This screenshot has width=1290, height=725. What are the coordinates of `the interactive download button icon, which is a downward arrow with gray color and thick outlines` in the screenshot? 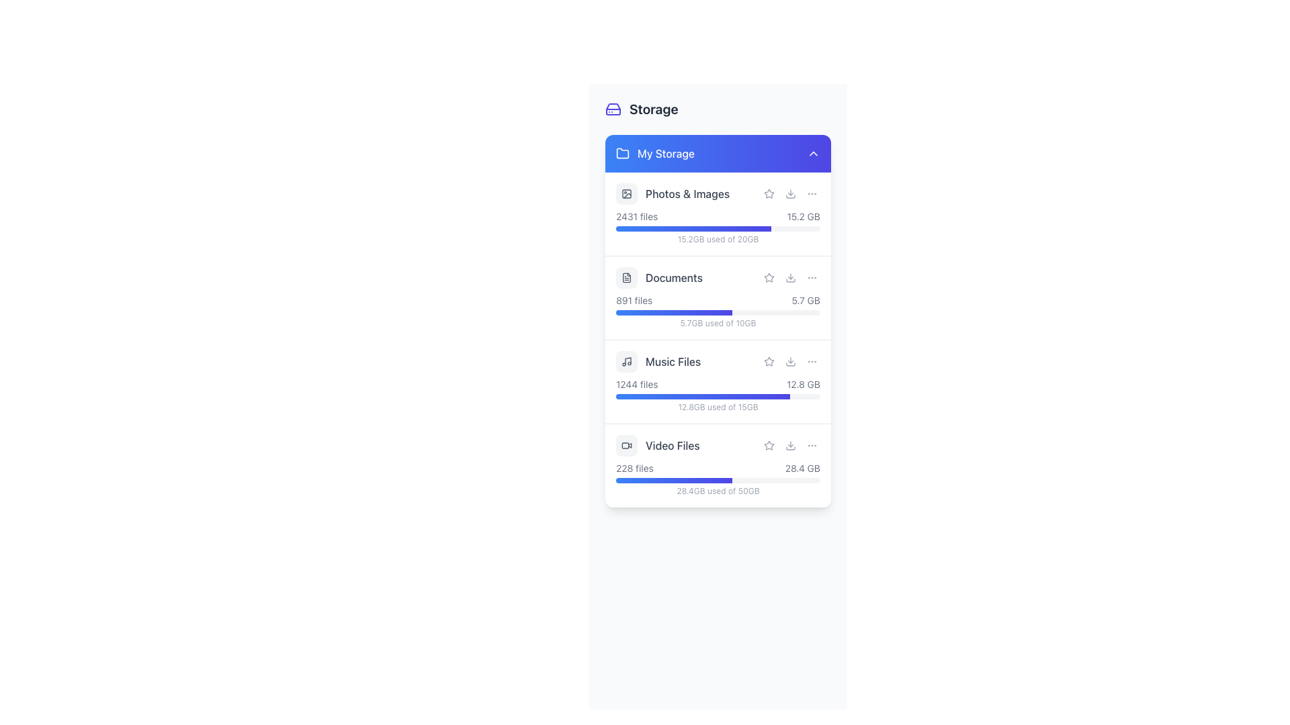 It's located at (790, 194).